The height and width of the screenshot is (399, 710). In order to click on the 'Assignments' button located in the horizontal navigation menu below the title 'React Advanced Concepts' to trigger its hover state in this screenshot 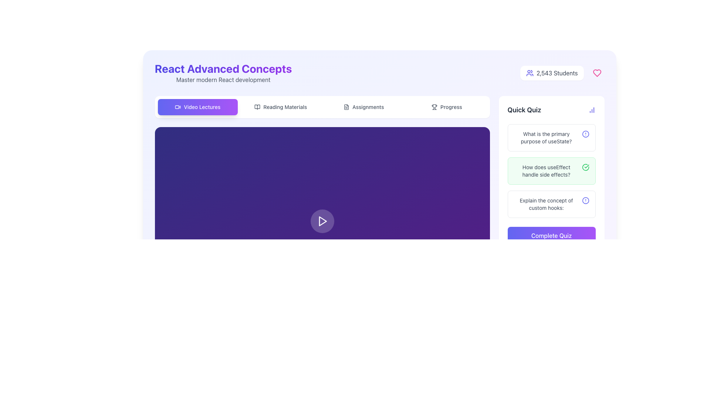, I will do `click(364, 107)`.